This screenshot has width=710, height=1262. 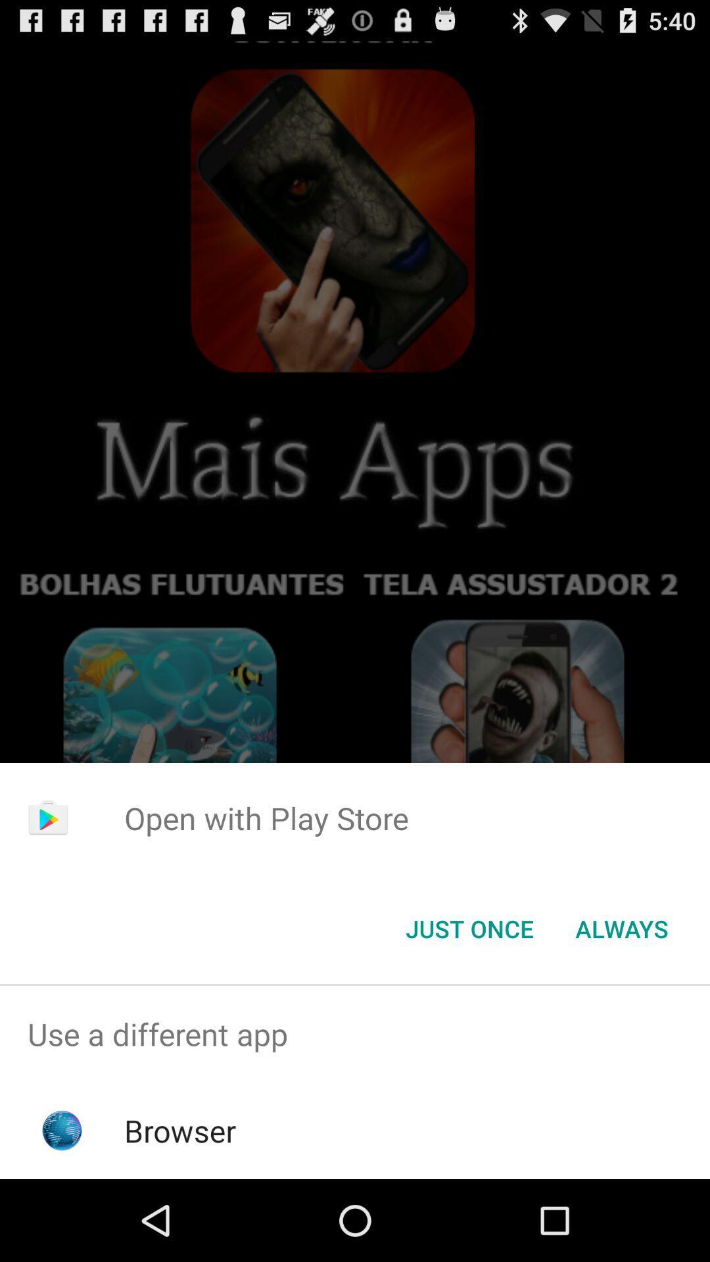 What do you see at coordinates (180, 1130) in the screenshot?
I see `the browser app` at bounding box center [180, 1130].